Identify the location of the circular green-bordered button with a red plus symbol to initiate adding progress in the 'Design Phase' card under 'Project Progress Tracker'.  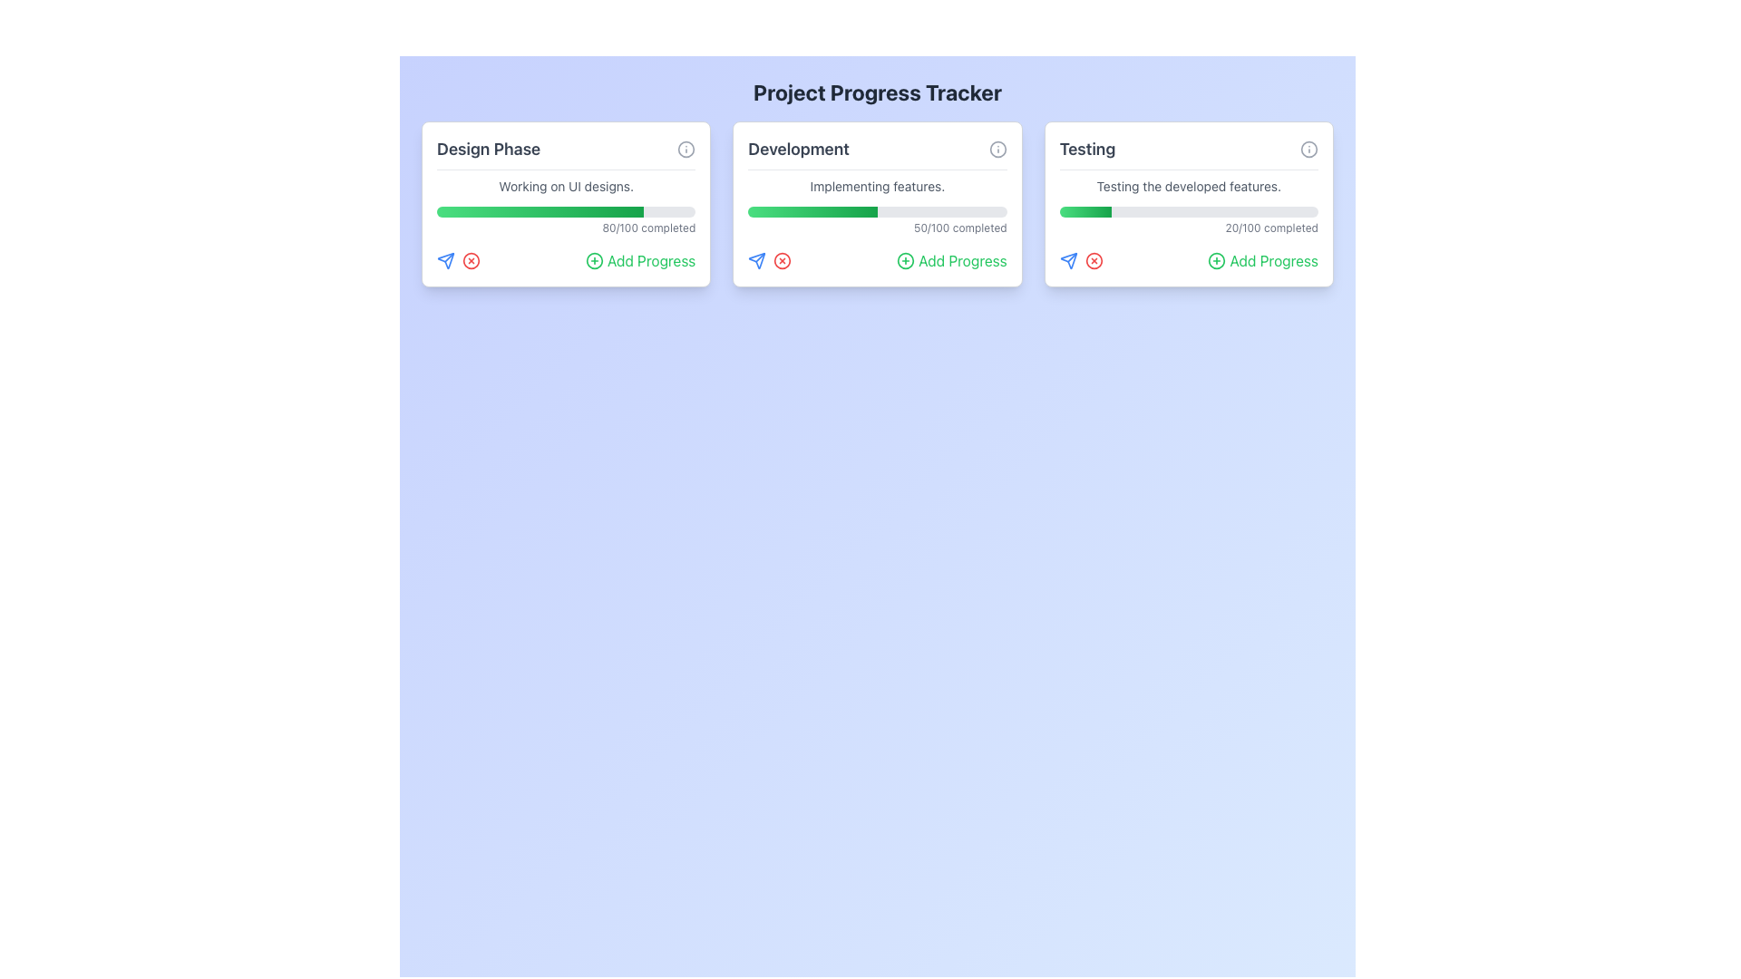
(594, 261).